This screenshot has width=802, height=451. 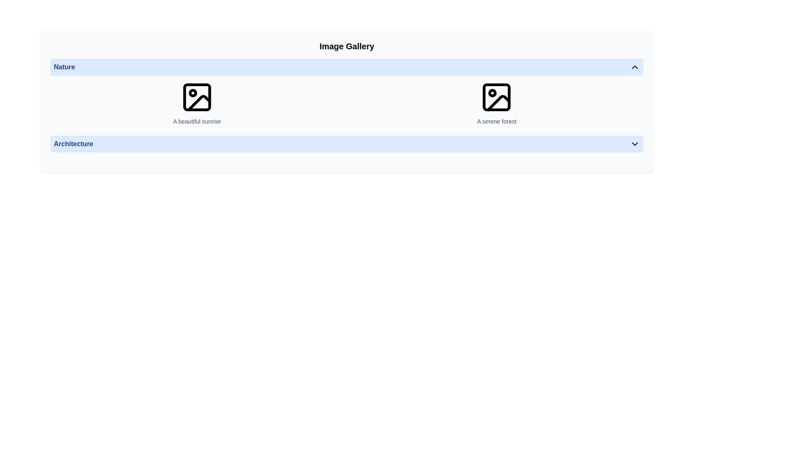 What do you see at coordinates (196, 96) in the screenshot?
I see `the photo icon with a rounded border, circular feature in the upper left corner, and a zigzag line in the lower right, located in the 'Nature' section above the text 'A beautiful sunrise'` at bounding box center [196, 96].